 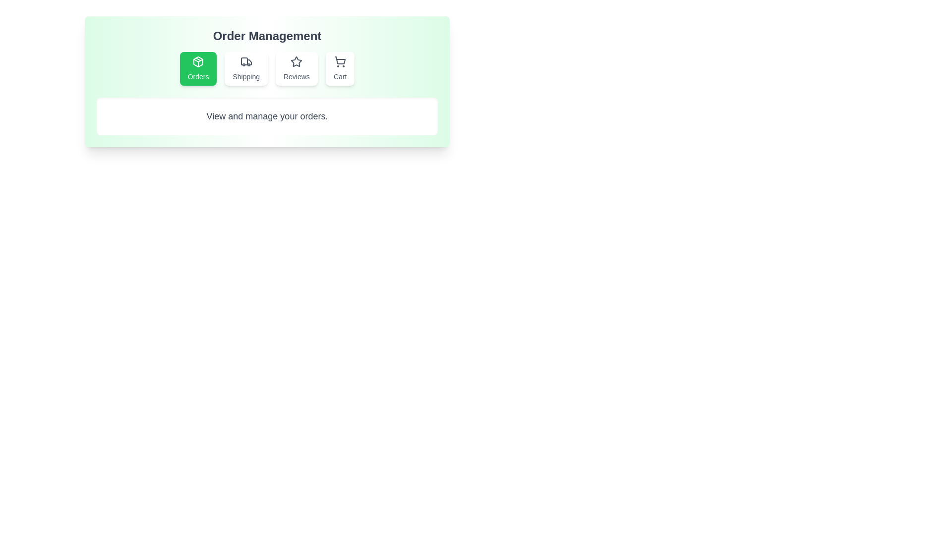 What do you see at coordinates (246, 76) in the screenshot?
I see `the 'Shipping' button, which is labeled by the text element that provides a description for shipping or delivery management, located under the 'Order Management' heading` at bounding box center [246, 76].